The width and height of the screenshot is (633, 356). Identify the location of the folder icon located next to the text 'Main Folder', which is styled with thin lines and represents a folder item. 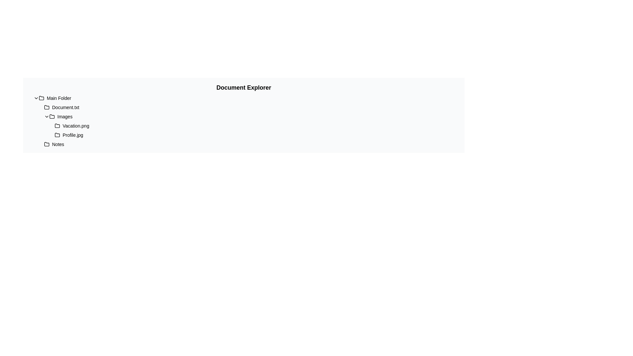
(41, 98).